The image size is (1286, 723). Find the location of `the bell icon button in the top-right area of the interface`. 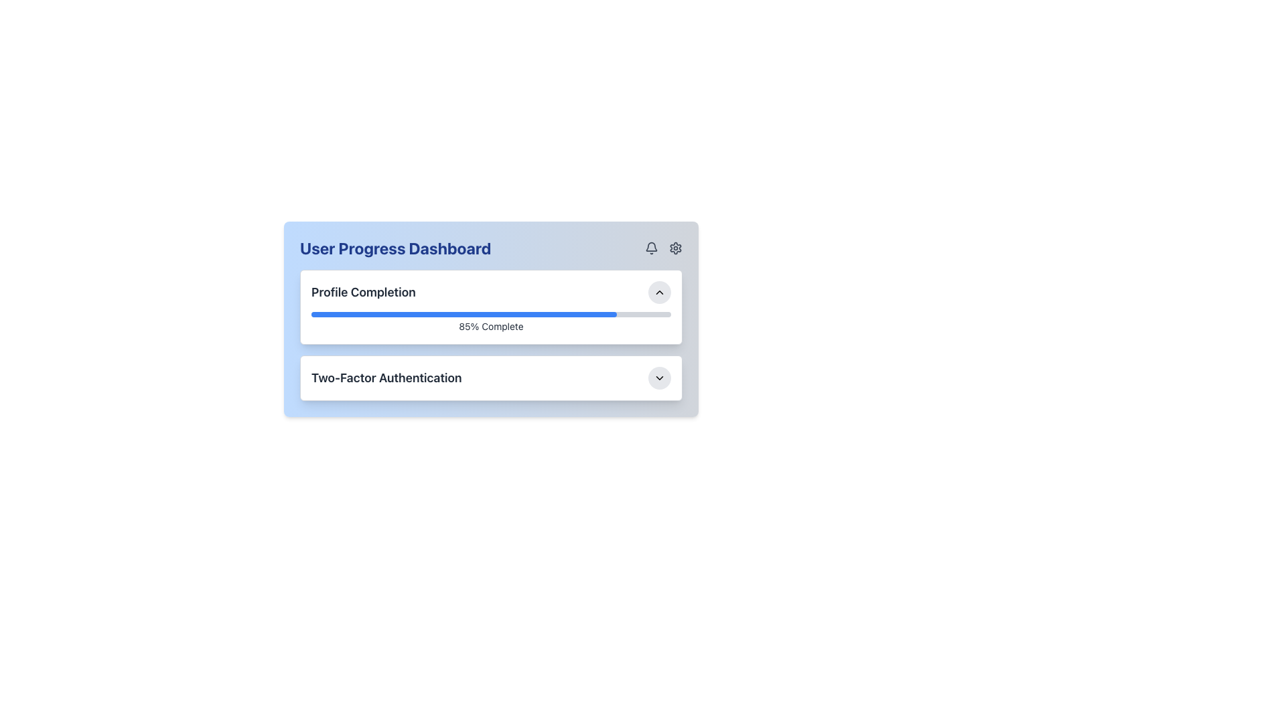

the bell icon button in the top-right area of the interface is located at coordinates (652, 248).